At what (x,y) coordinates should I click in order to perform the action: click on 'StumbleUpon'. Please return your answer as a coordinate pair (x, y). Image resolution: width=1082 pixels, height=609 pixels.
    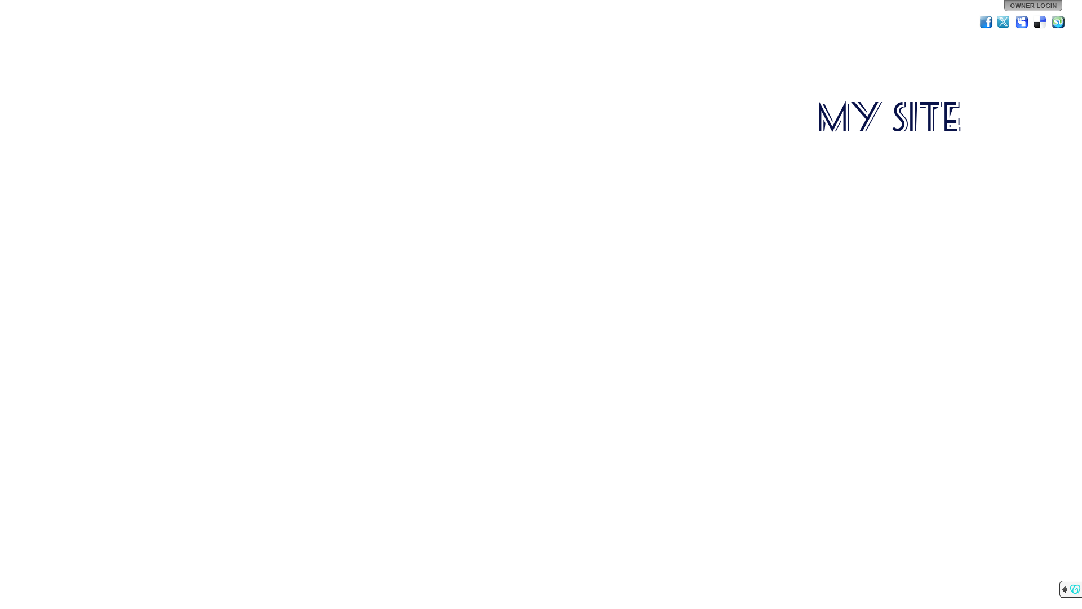
    Looking at the image, I should click on (1049, 21).